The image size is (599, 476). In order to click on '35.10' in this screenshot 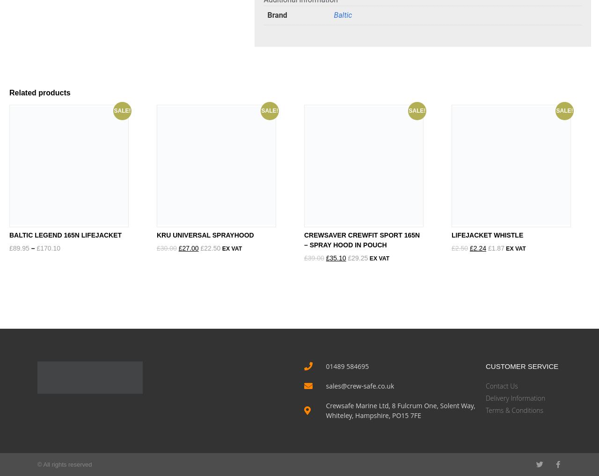, I will do `click(337, 257)`.